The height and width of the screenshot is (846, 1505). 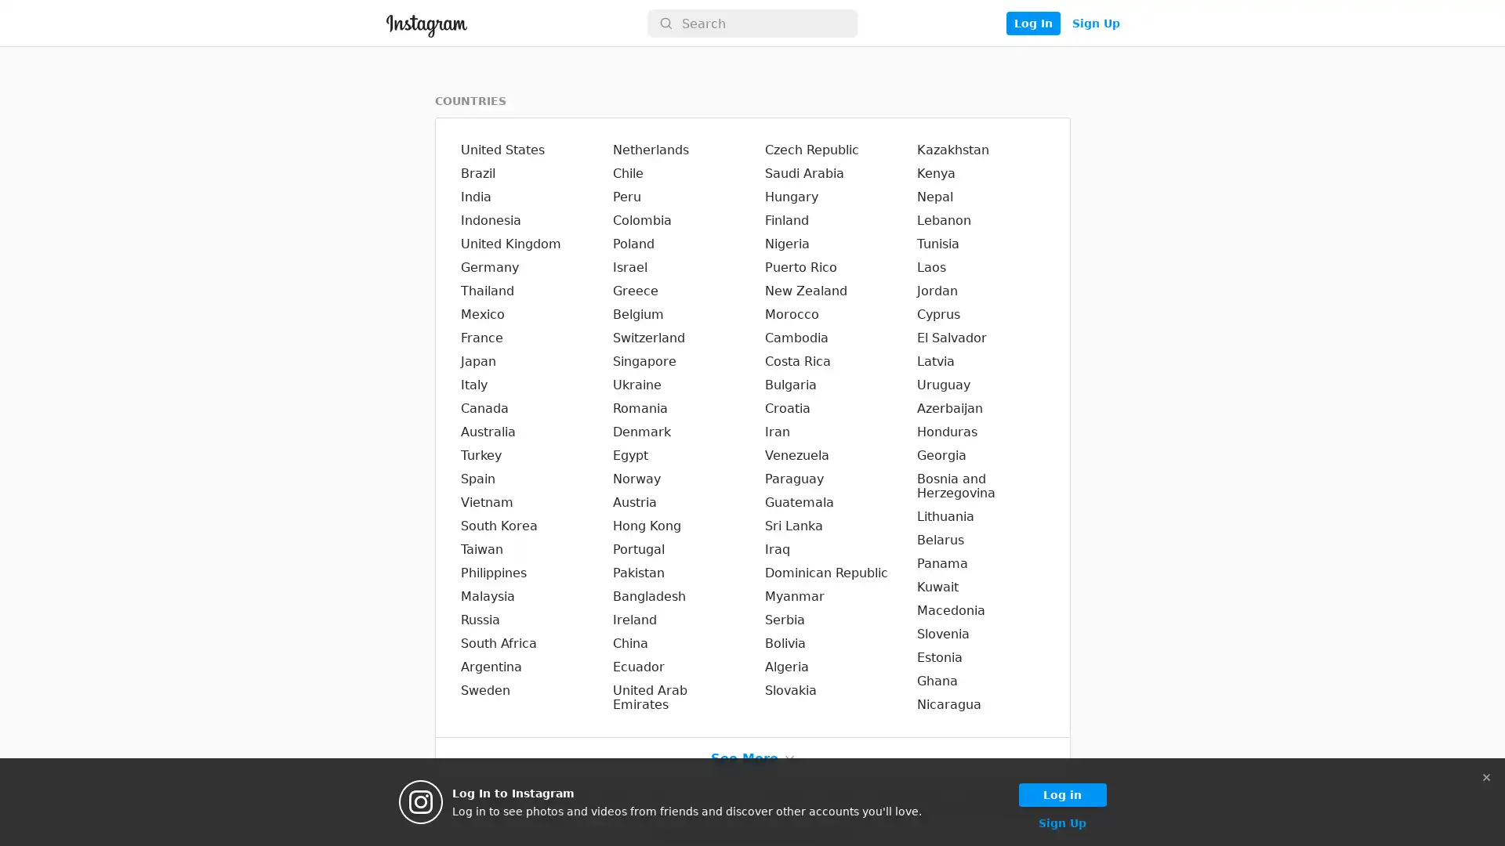 What do you see at coordinates (1094, 23) in the screenshot?
I see `Sign Up` at bounding box center [1094, 23].